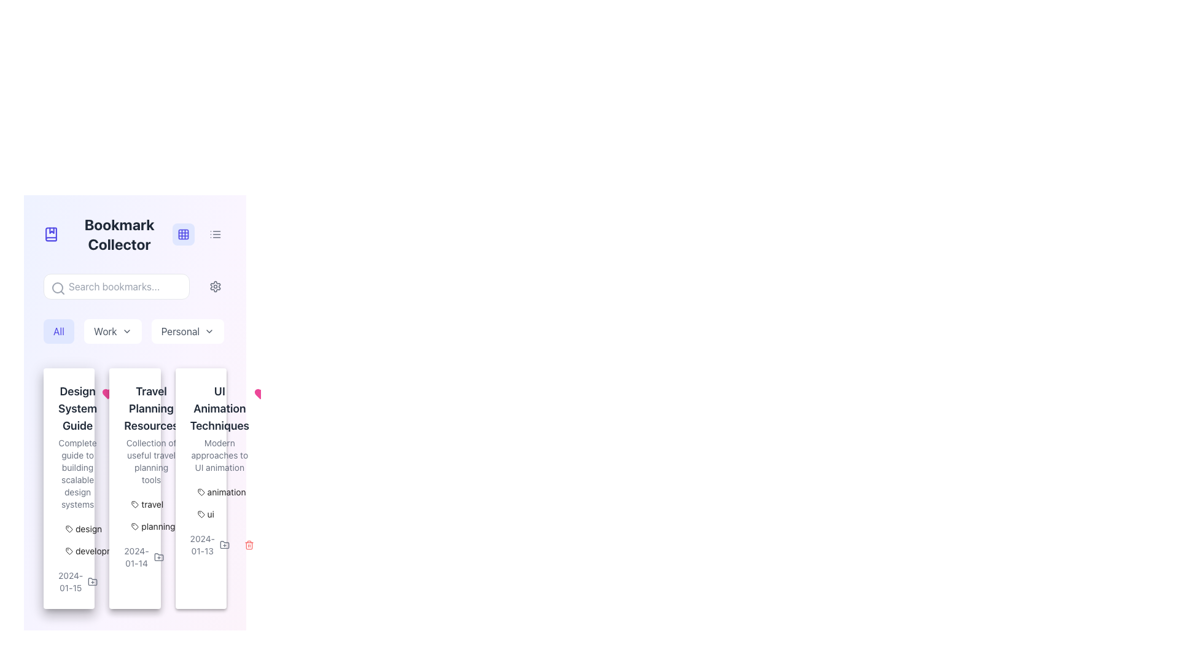  Describe the element at coordinates (219, 455) in the screenshot. I see `text content of the text label component located directly beneath the primary title 'UI Animation Techniques' within the vertically stacked card layout` at that location.